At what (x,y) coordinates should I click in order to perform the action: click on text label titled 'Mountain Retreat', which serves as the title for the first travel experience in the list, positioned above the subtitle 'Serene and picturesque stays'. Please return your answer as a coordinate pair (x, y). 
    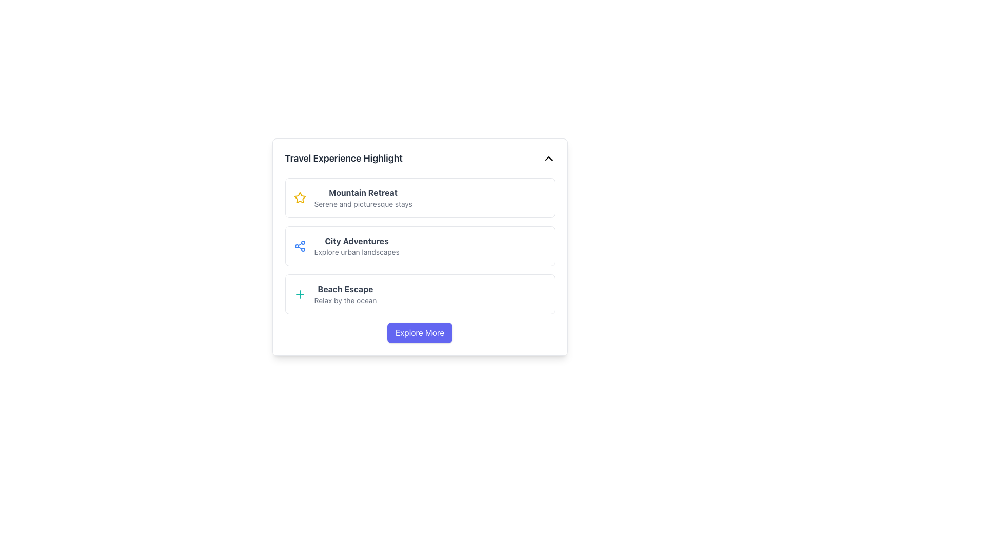
    Looking at the image, I should click on (363, 192).